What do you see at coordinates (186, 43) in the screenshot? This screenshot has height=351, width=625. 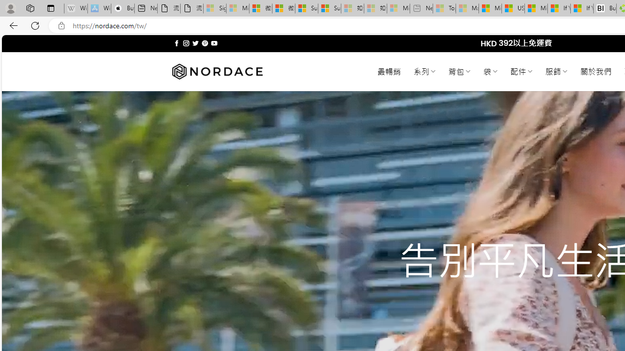 I see `'Follow on Instagram'` at bounding box center [186, 43].